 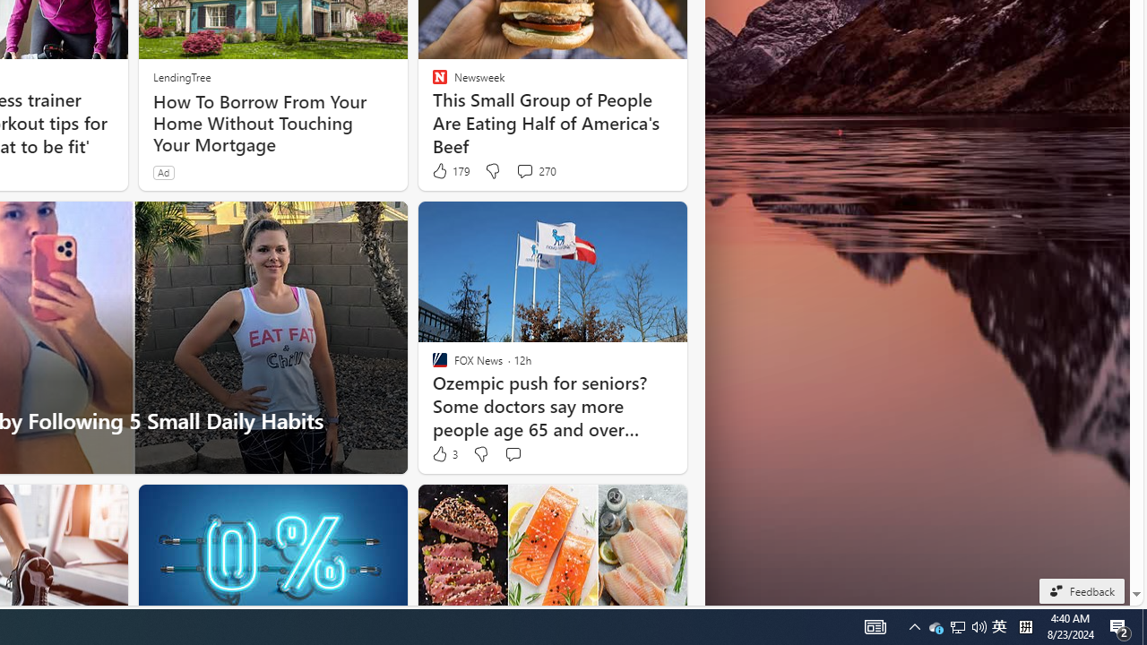 What do you see at coordinates (534, 171) in the screenshot?
I see `'View comments 270 Comment'` at bounding box center [534, 171].